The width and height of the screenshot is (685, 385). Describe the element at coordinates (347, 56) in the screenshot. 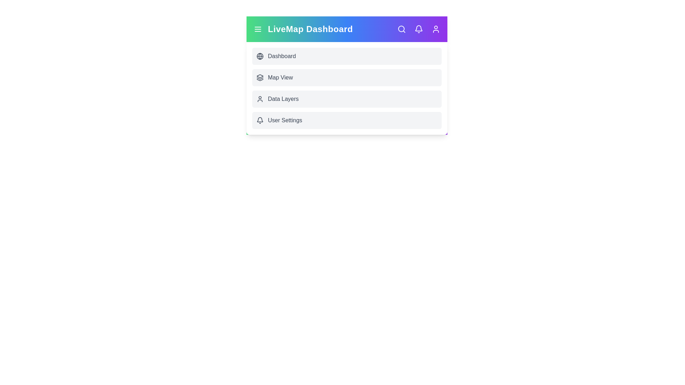

I see `the interactive element Dashboard Menu Item to view its visual feedback` at that location.